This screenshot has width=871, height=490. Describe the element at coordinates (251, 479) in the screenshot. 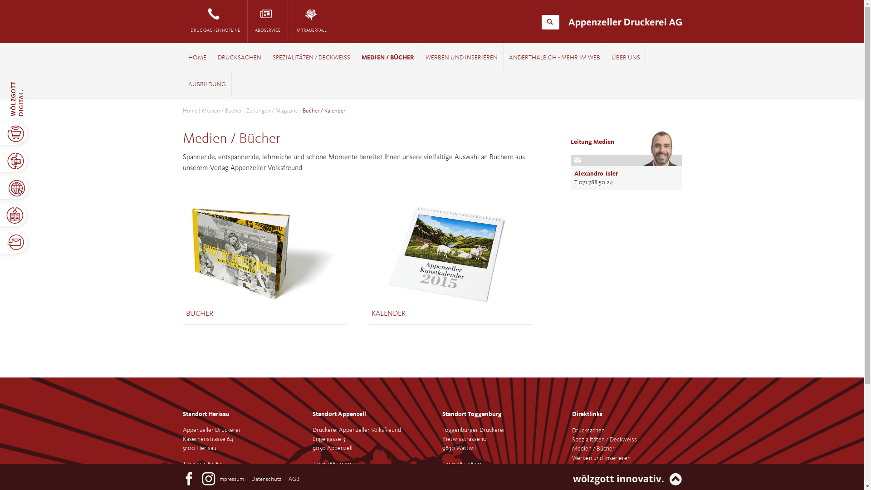

I see `'Datenschutz'` at that location.